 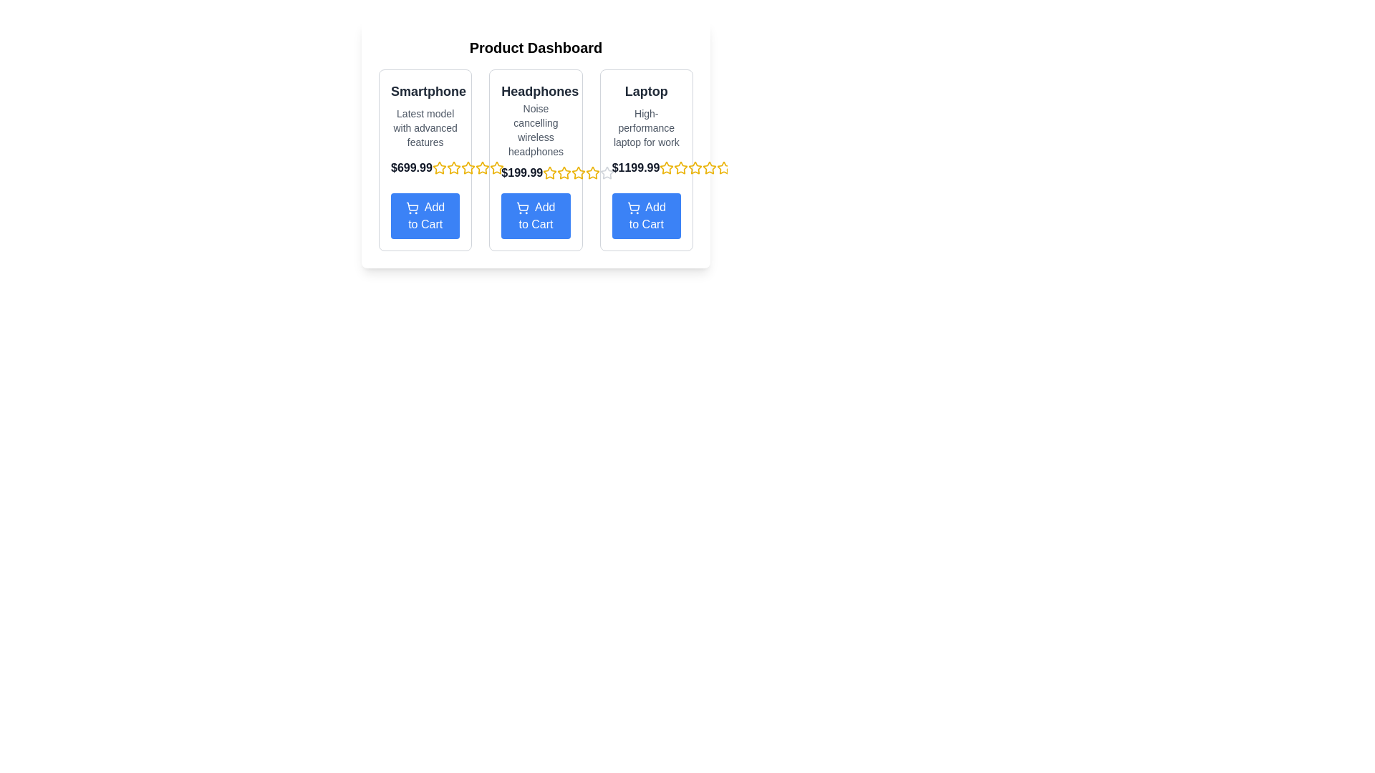 I want to click on the seventh star rating icon for the 'Laptop' product, located under its price in the 'Product Dashboard' section, so click(x=695, y=167).